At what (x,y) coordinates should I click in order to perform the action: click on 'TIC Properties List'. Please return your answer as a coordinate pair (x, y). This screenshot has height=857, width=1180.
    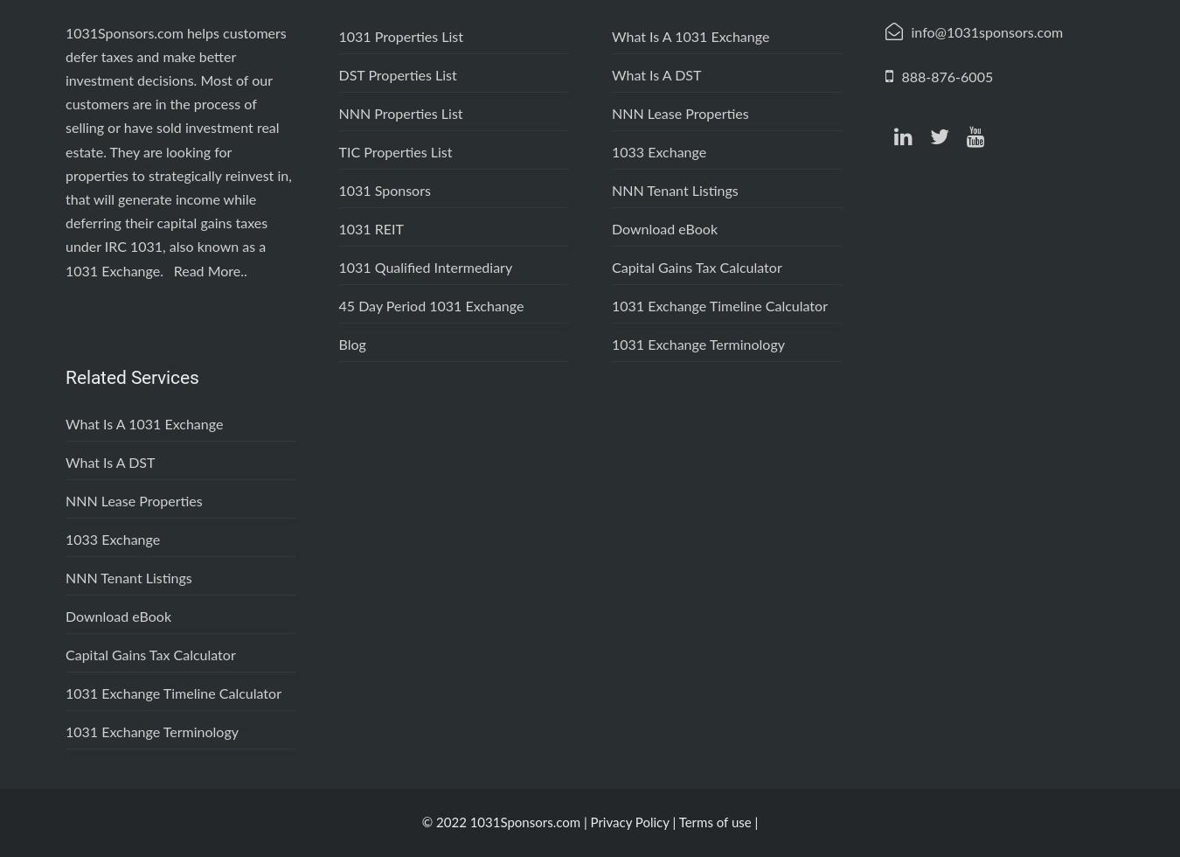
    Looking at the image, I should click on (393, 152).